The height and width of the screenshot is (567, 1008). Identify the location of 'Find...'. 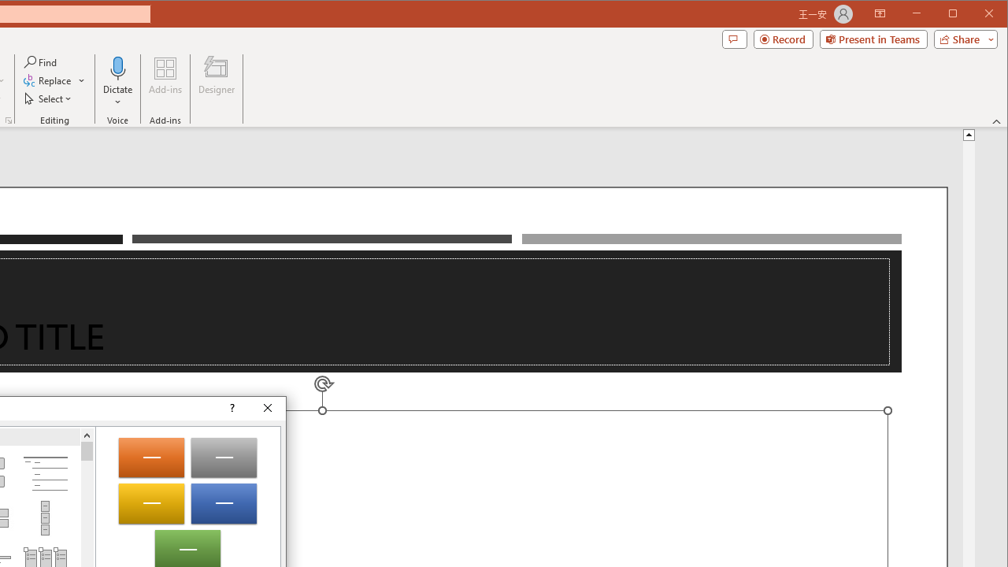
(42, 61).